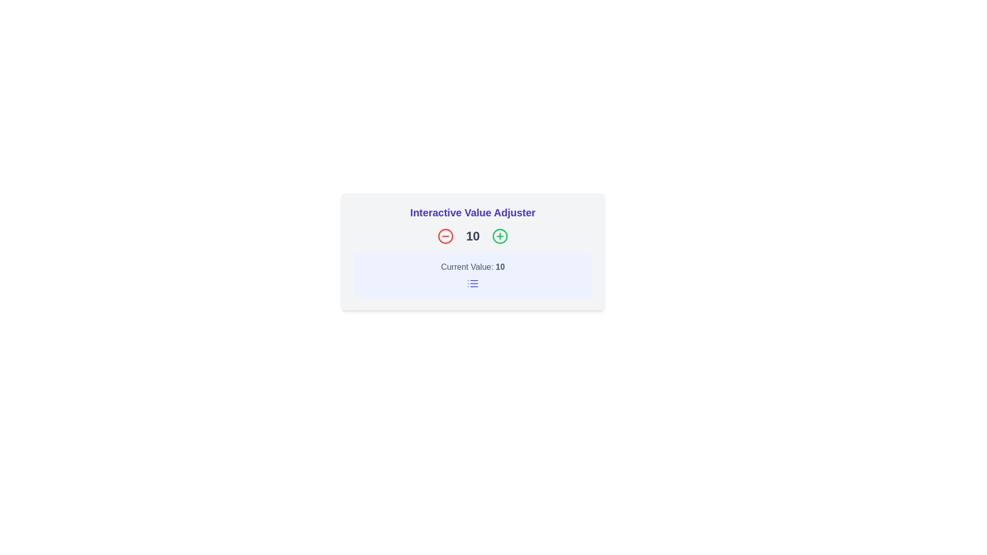 This screenshot has width=987, height=555. Describe the element at coordinates (472, 212) in the screenshot. I see `the bold blue text header labeled 'Interactive Value Adjuster' located at the top of the value adjustment interface` at that location.